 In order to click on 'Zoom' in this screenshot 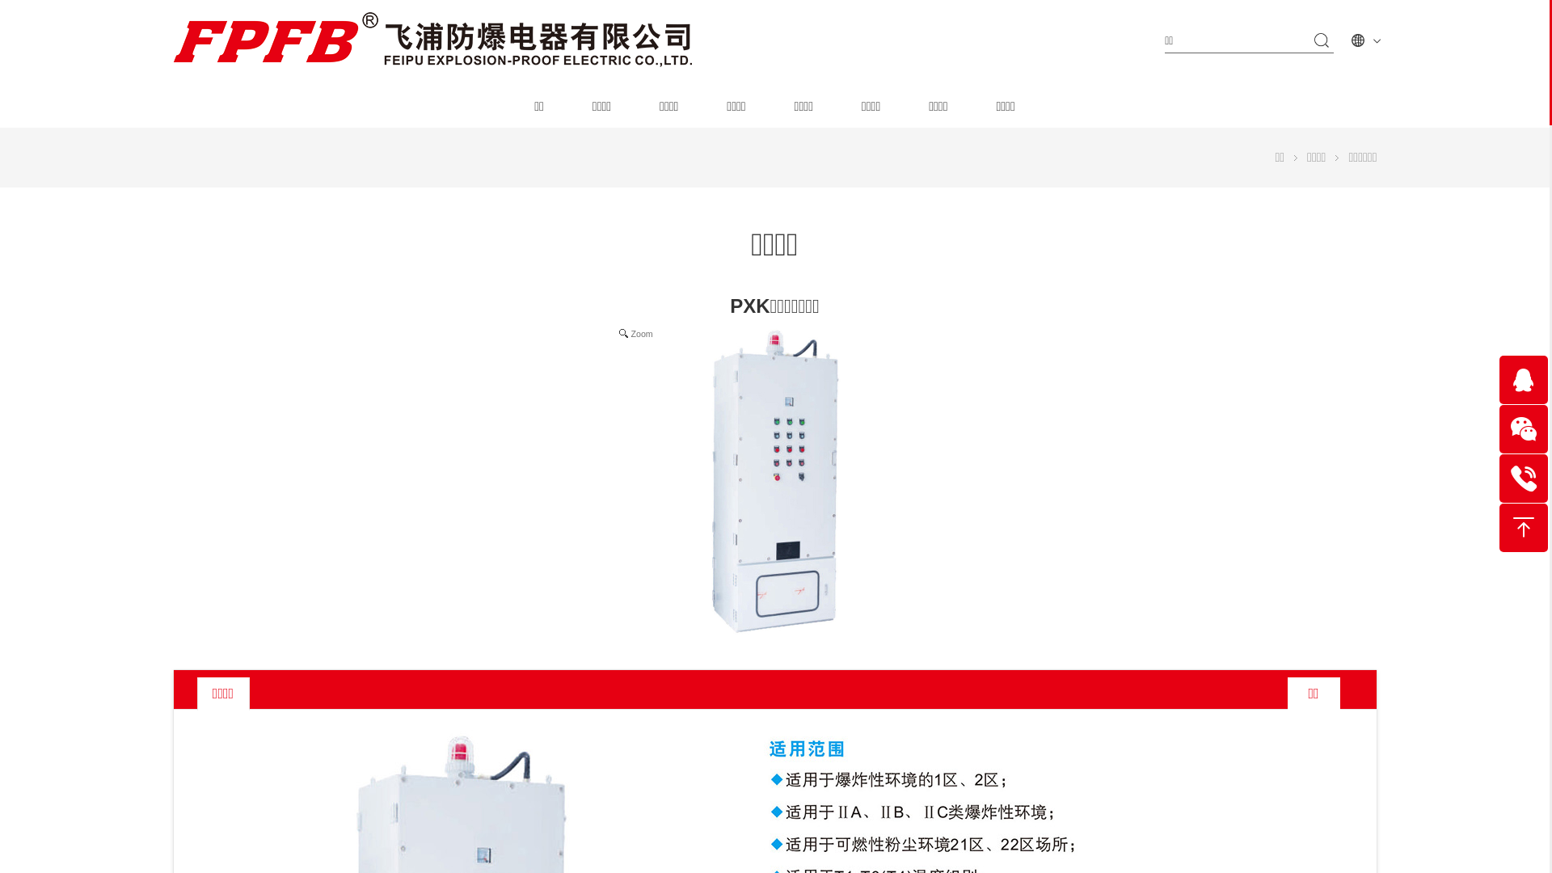, I will do `click(774, 482)`.